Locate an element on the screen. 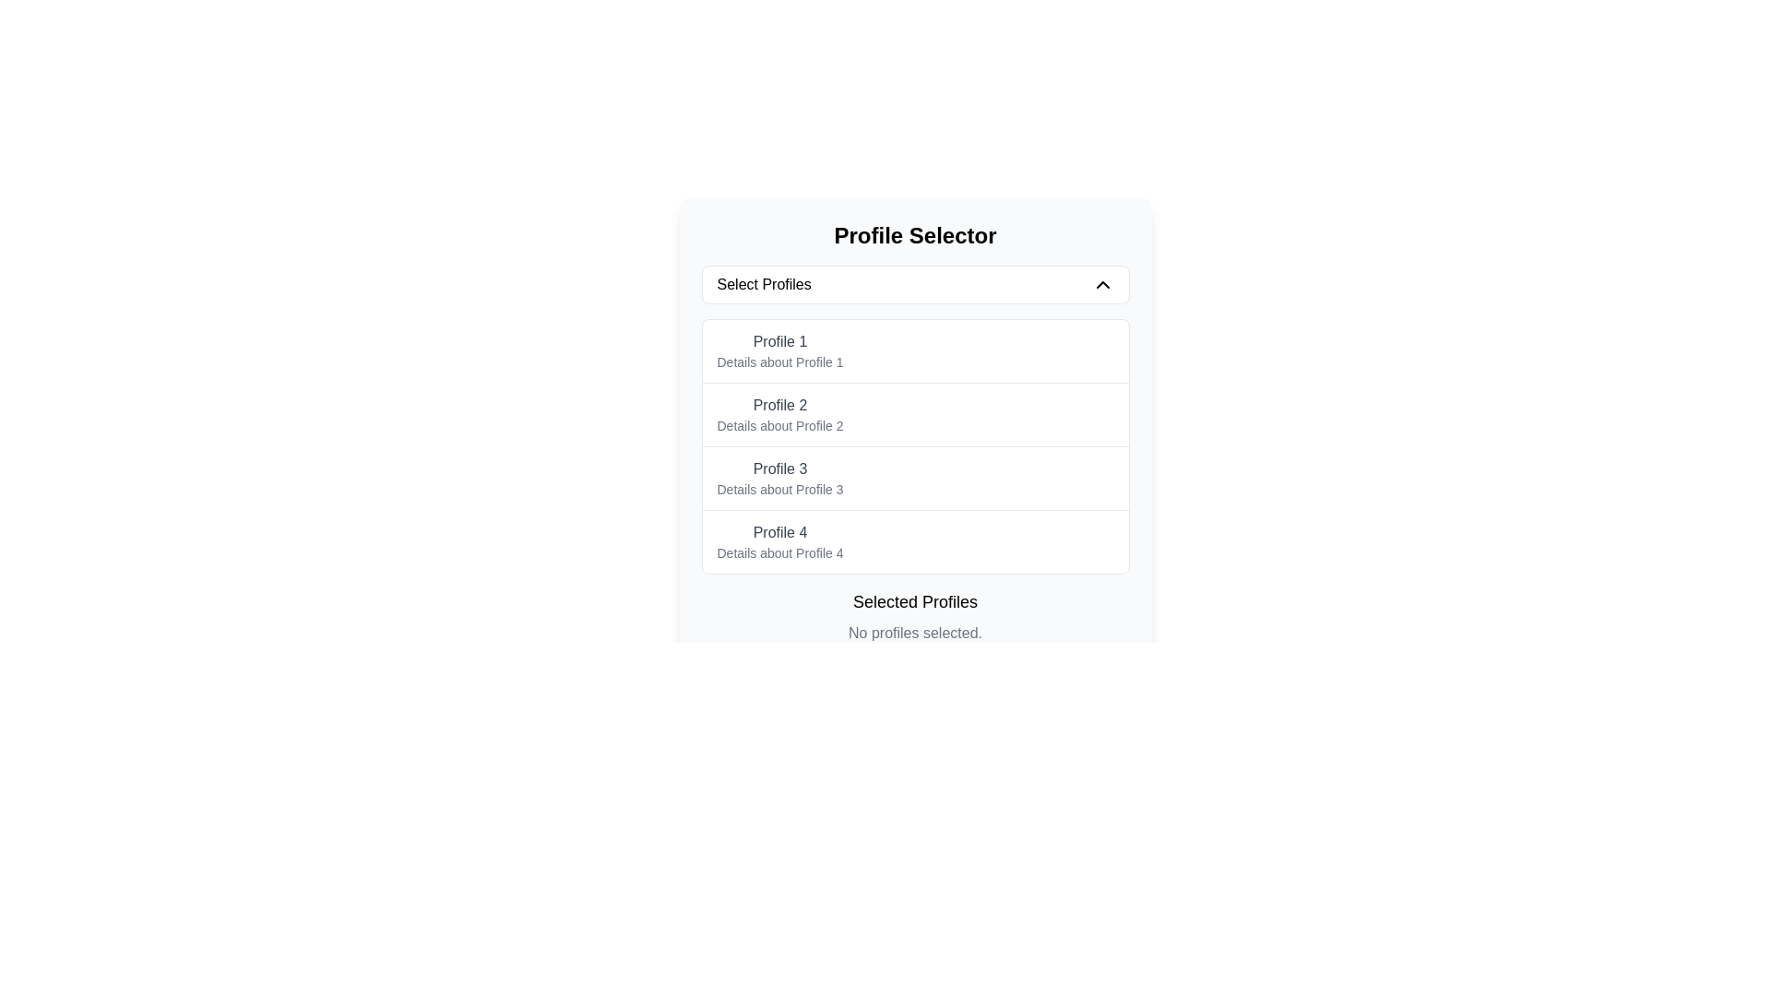 This screenshot has width=1771, height=996. the static text label displaying 'Profile 4', which is styled in medium gray and bold, positioned above the 'Details about Profile 4' text in the Profile Selector modal is located at coordinates (779, 533).